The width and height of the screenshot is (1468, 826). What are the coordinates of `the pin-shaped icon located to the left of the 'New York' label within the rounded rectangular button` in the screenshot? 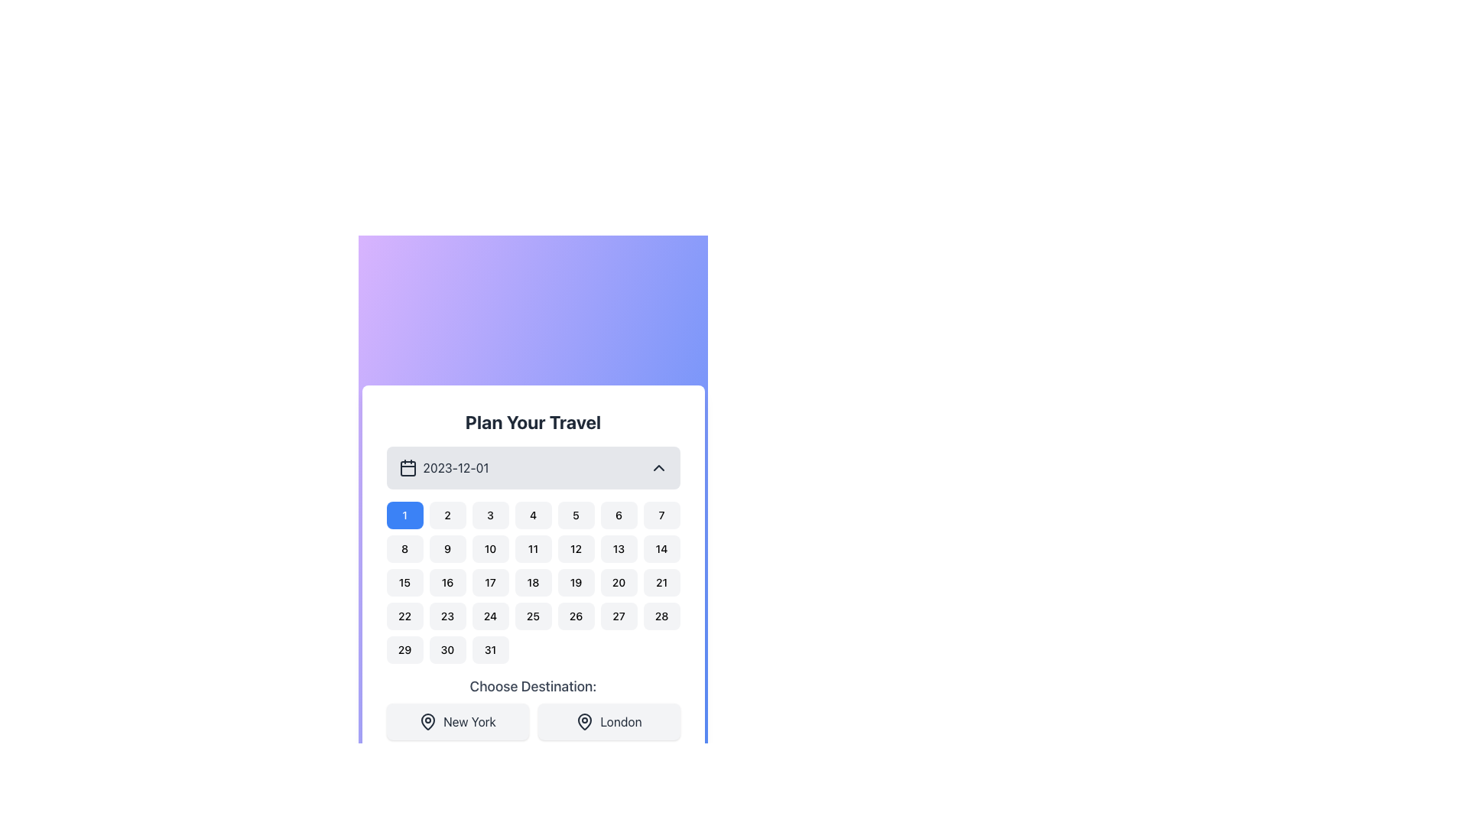 It's located at (428, 722).